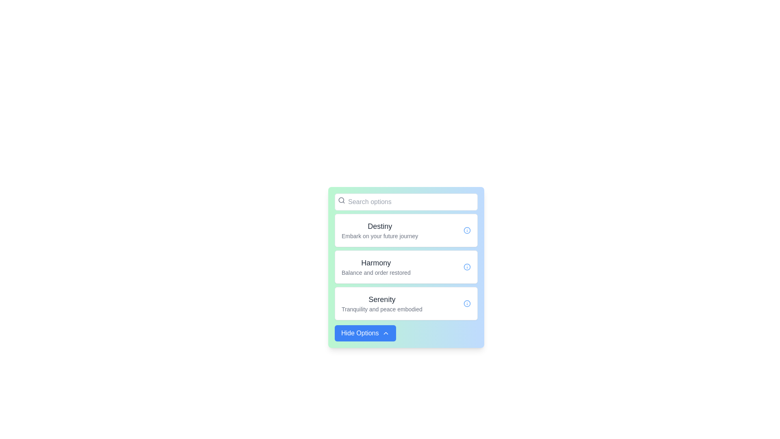 Image resolution: width=780 pixels, height=439 pixels. I want to click on the second item in the dropdown menu, which is positioned below 'Destiny' and above 'Serenity', so click(406, 267).